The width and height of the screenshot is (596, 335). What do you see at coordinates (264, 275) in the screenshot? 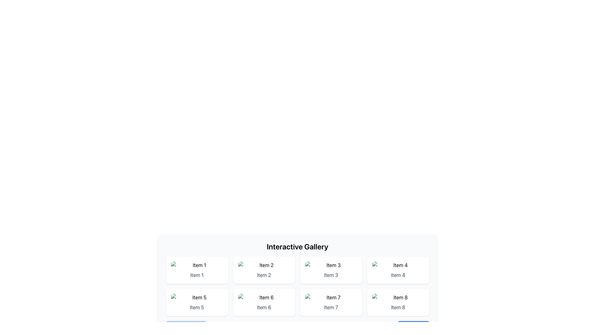
I see `the text label displaying 'Item 2', which is styled with a gray color and is located in the second cell of the top row in the grid layout` at bounding box center [264, 275].